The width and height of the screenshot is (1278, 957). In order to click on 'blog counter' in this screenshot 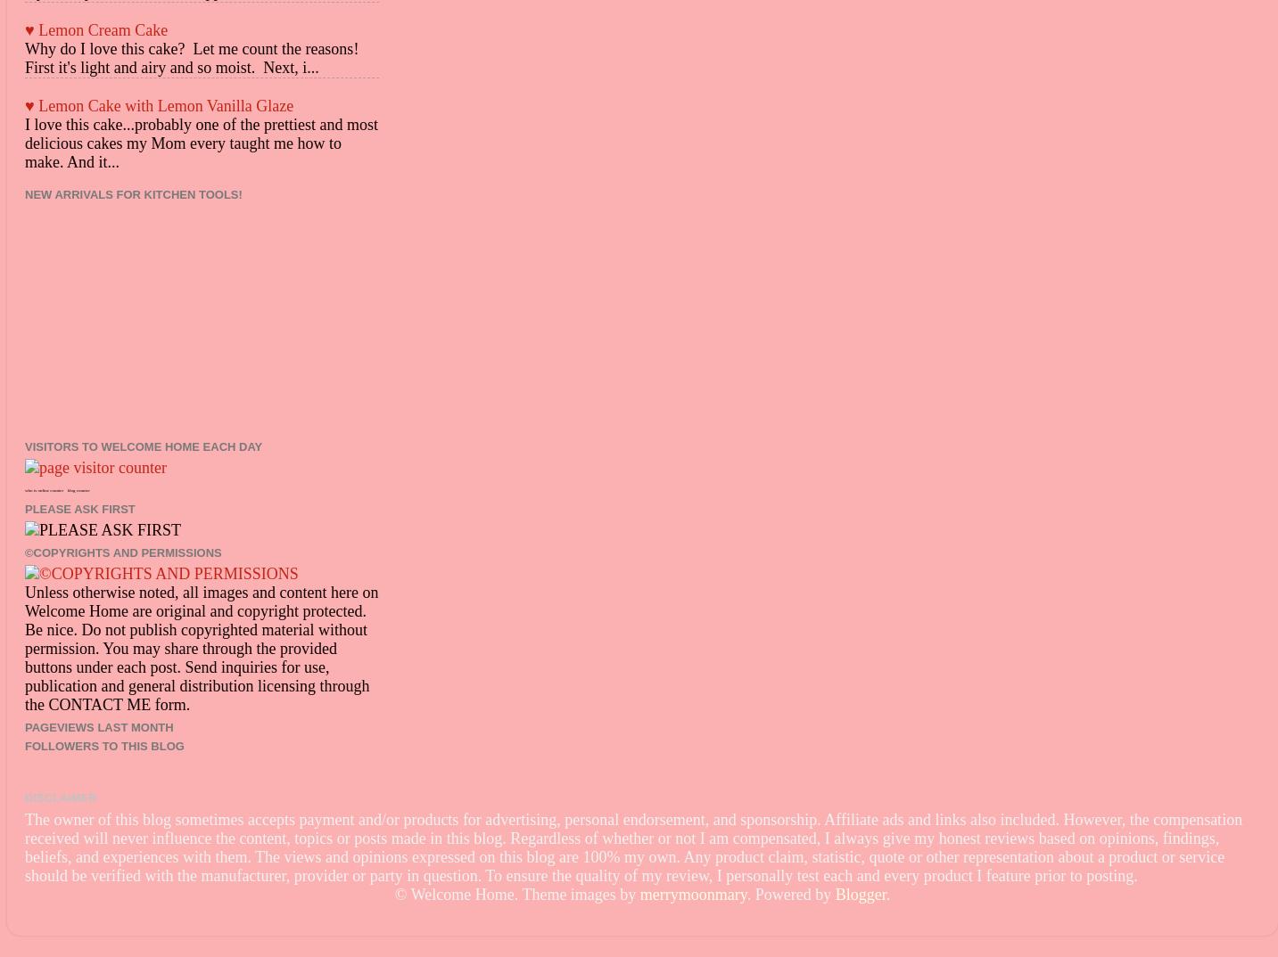, I will do `click(77, 489)`.